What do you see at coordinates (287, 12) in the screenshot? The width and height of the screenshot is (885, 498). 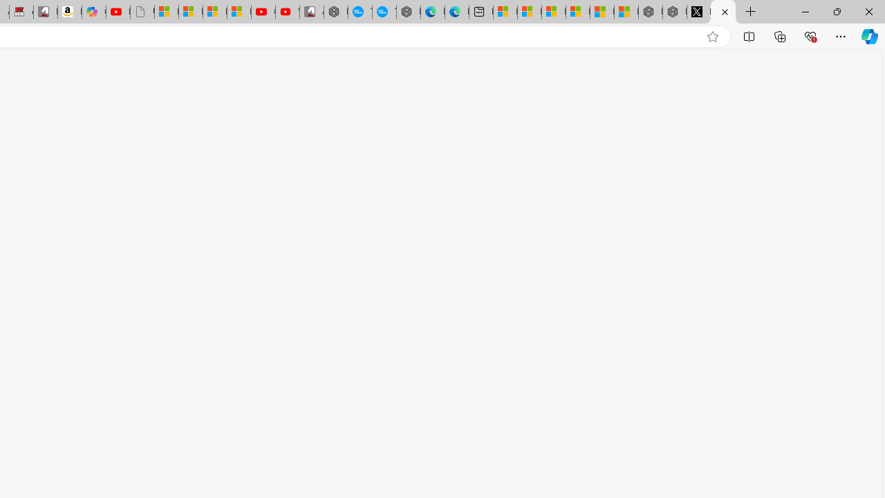 I see `'YouTube Kids - An App Created for Kids to Explore Content'` at bounding box center [287, 12].